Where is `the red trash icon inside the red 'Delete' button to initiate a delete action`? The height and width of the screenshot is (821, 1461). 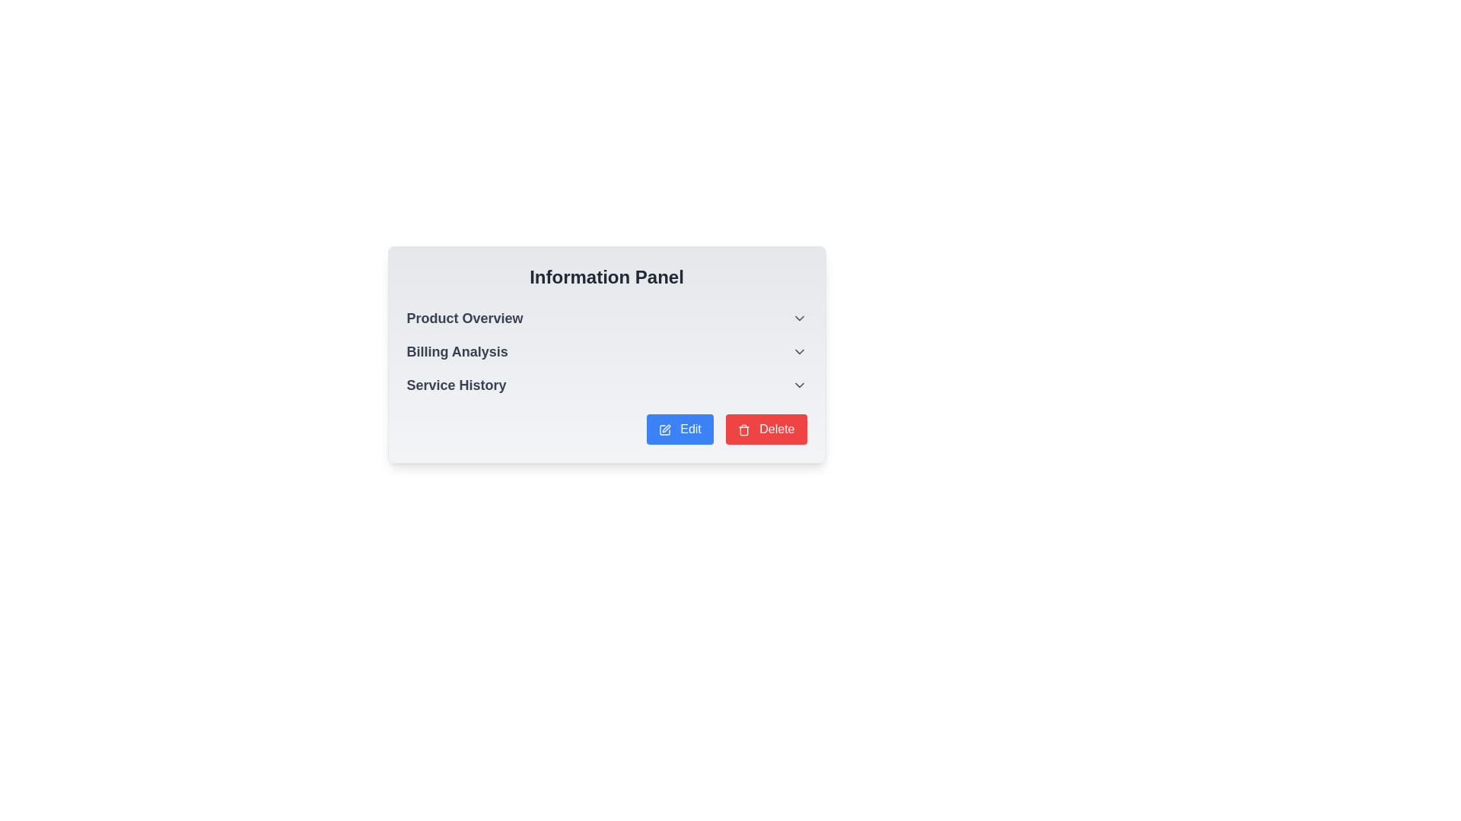
the red trash icon inside the red 'Delete' button to initiate a delete action is located at coordinates (743, 430).